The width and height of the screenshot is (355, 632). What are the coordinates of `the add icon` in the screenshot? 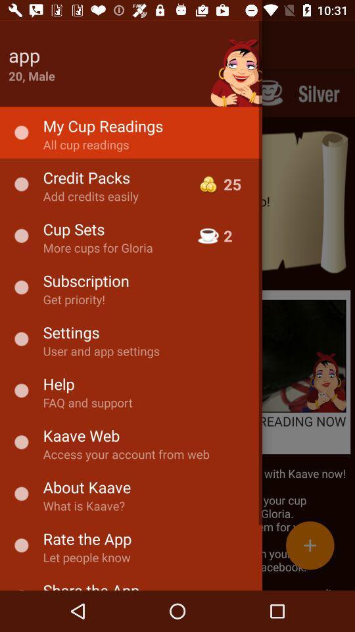 It's located at (310, 545).